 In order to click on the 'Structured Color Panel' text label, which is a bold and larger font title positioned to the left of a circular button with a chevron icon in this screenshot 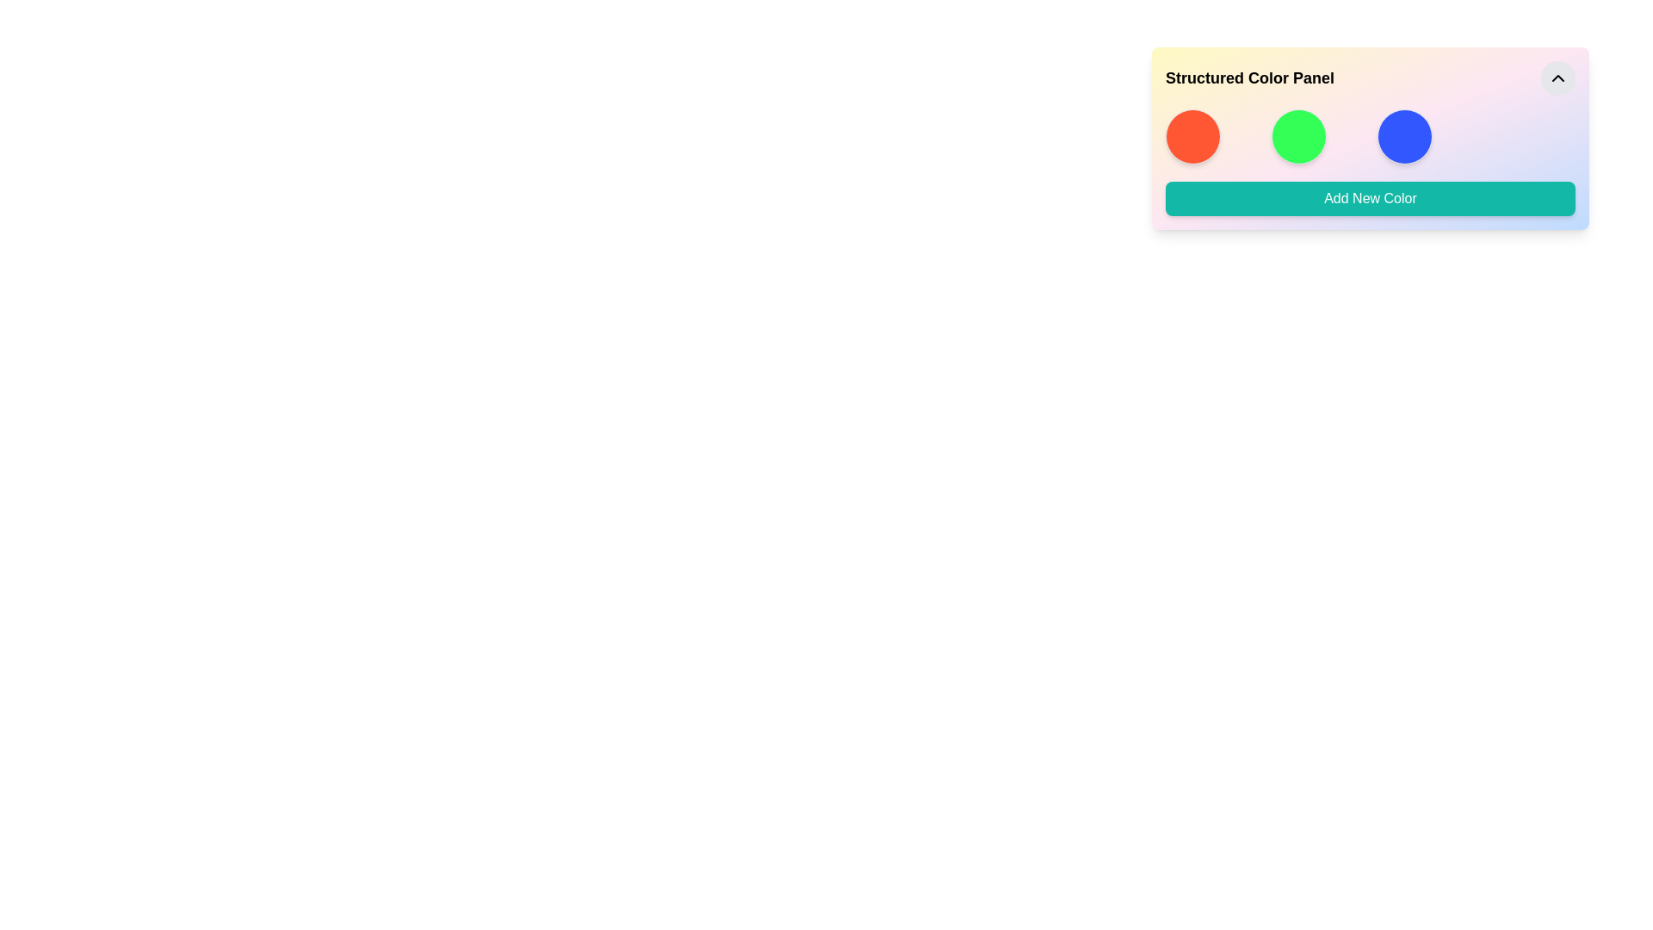, I will do `click(1250, 78)`.